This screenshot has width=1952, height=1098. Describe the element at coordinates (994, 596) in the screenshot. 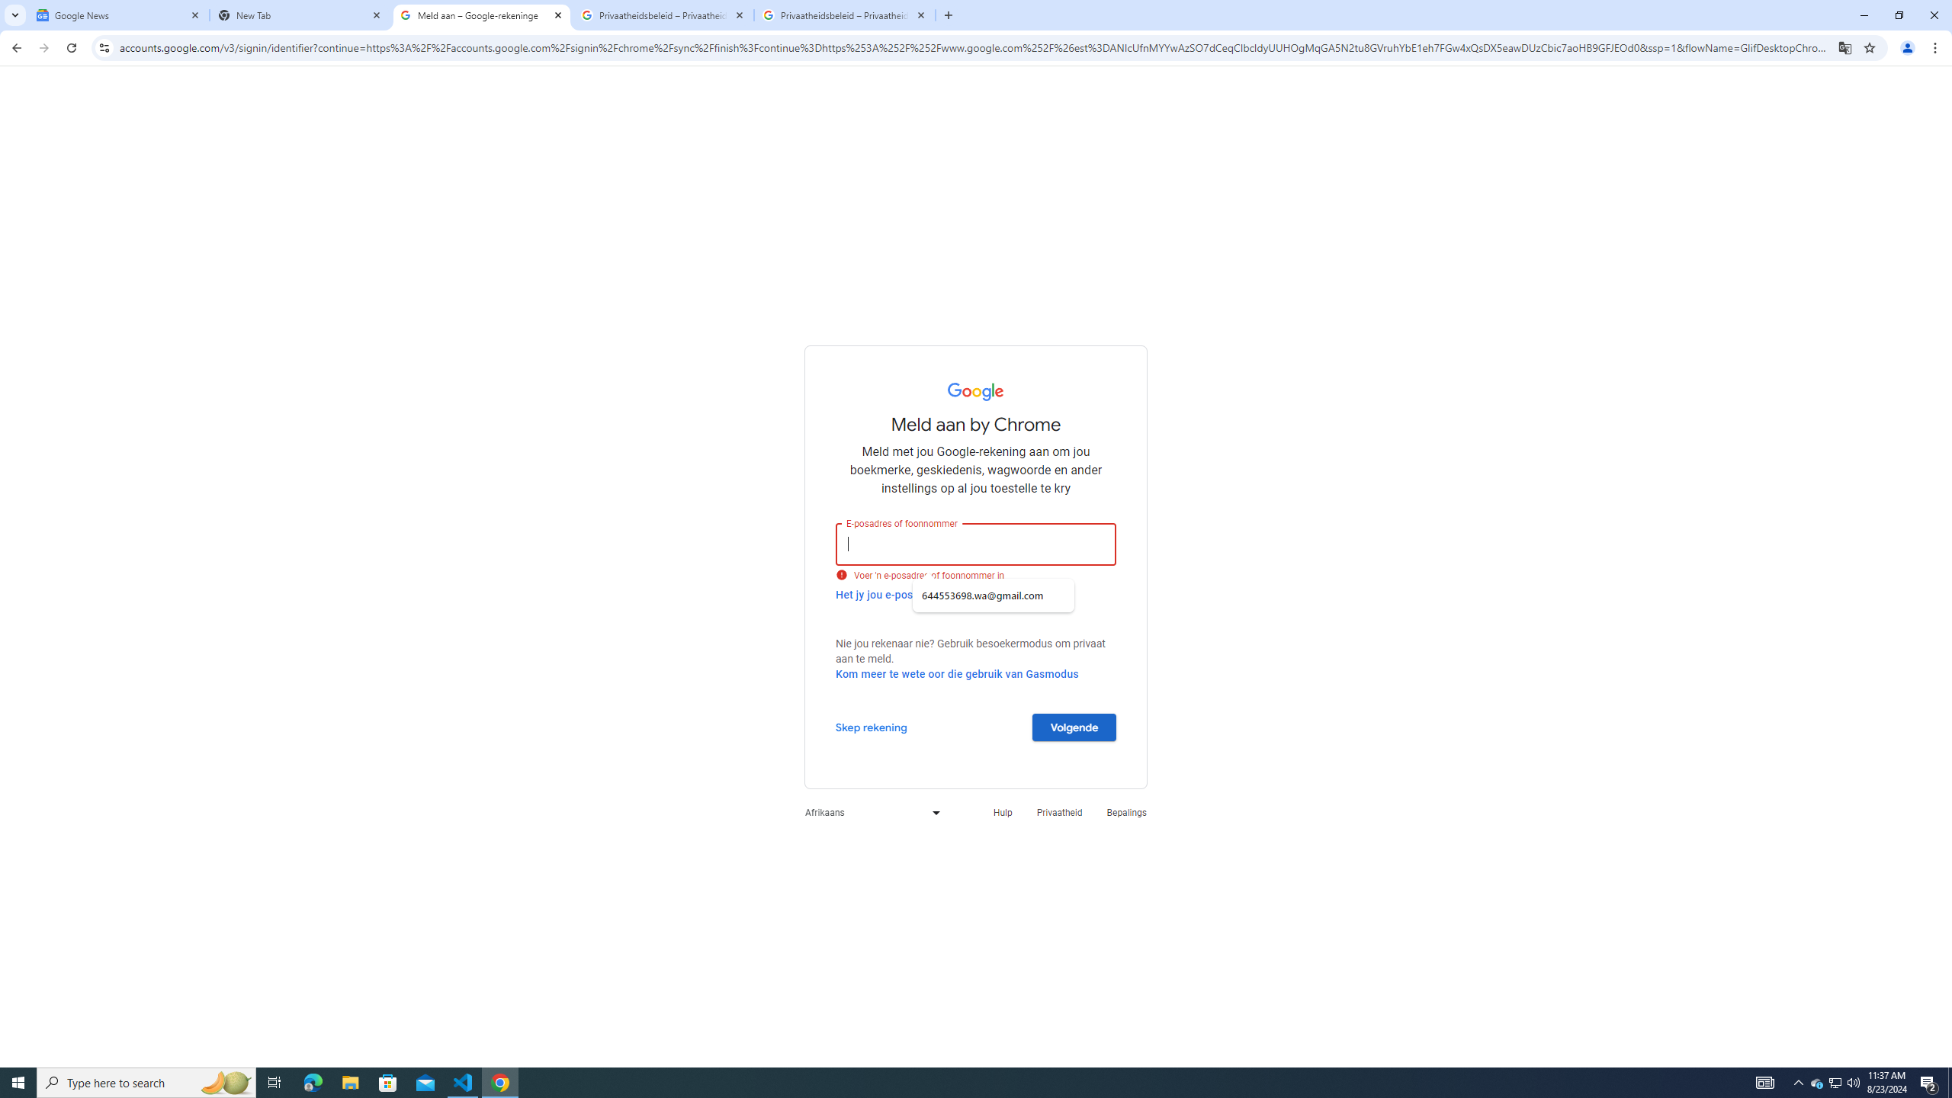

I see `'644553698.wa@gmail.com'` at that location.